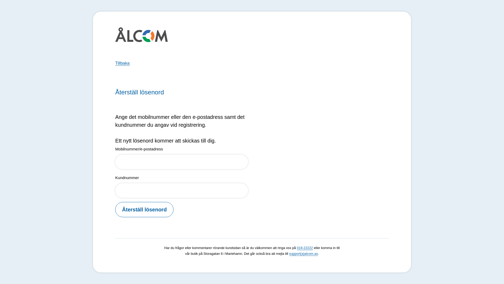 This screenshot has height=284, width=504. Describe the element at coordinates (303, 253) in the screenshot. I see `'support(a)alcom.ax'` at that location.